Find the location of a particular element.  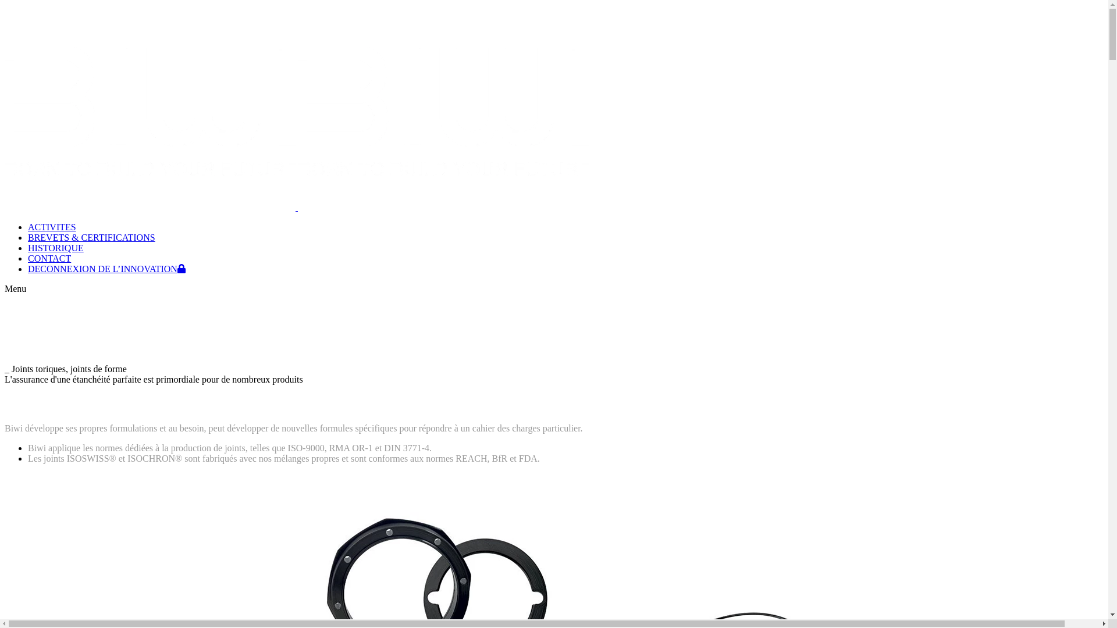

'CONTACT' is located at coordinates (49, 258).